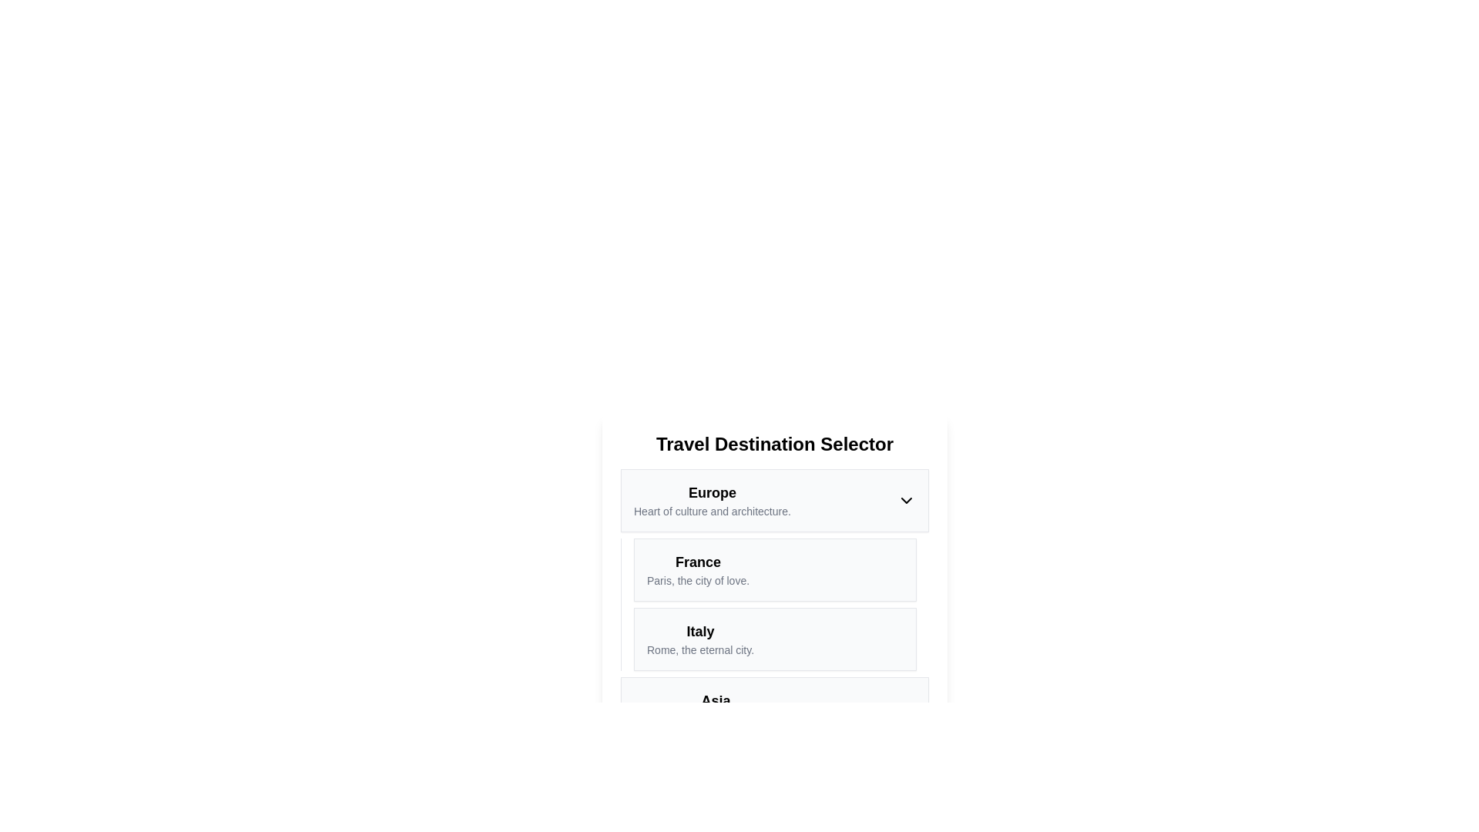  I want to click on the bold header text element reading 'Travel Destination Selector', which is prominently placed at the top of a white card-like section, so click(775, 445).